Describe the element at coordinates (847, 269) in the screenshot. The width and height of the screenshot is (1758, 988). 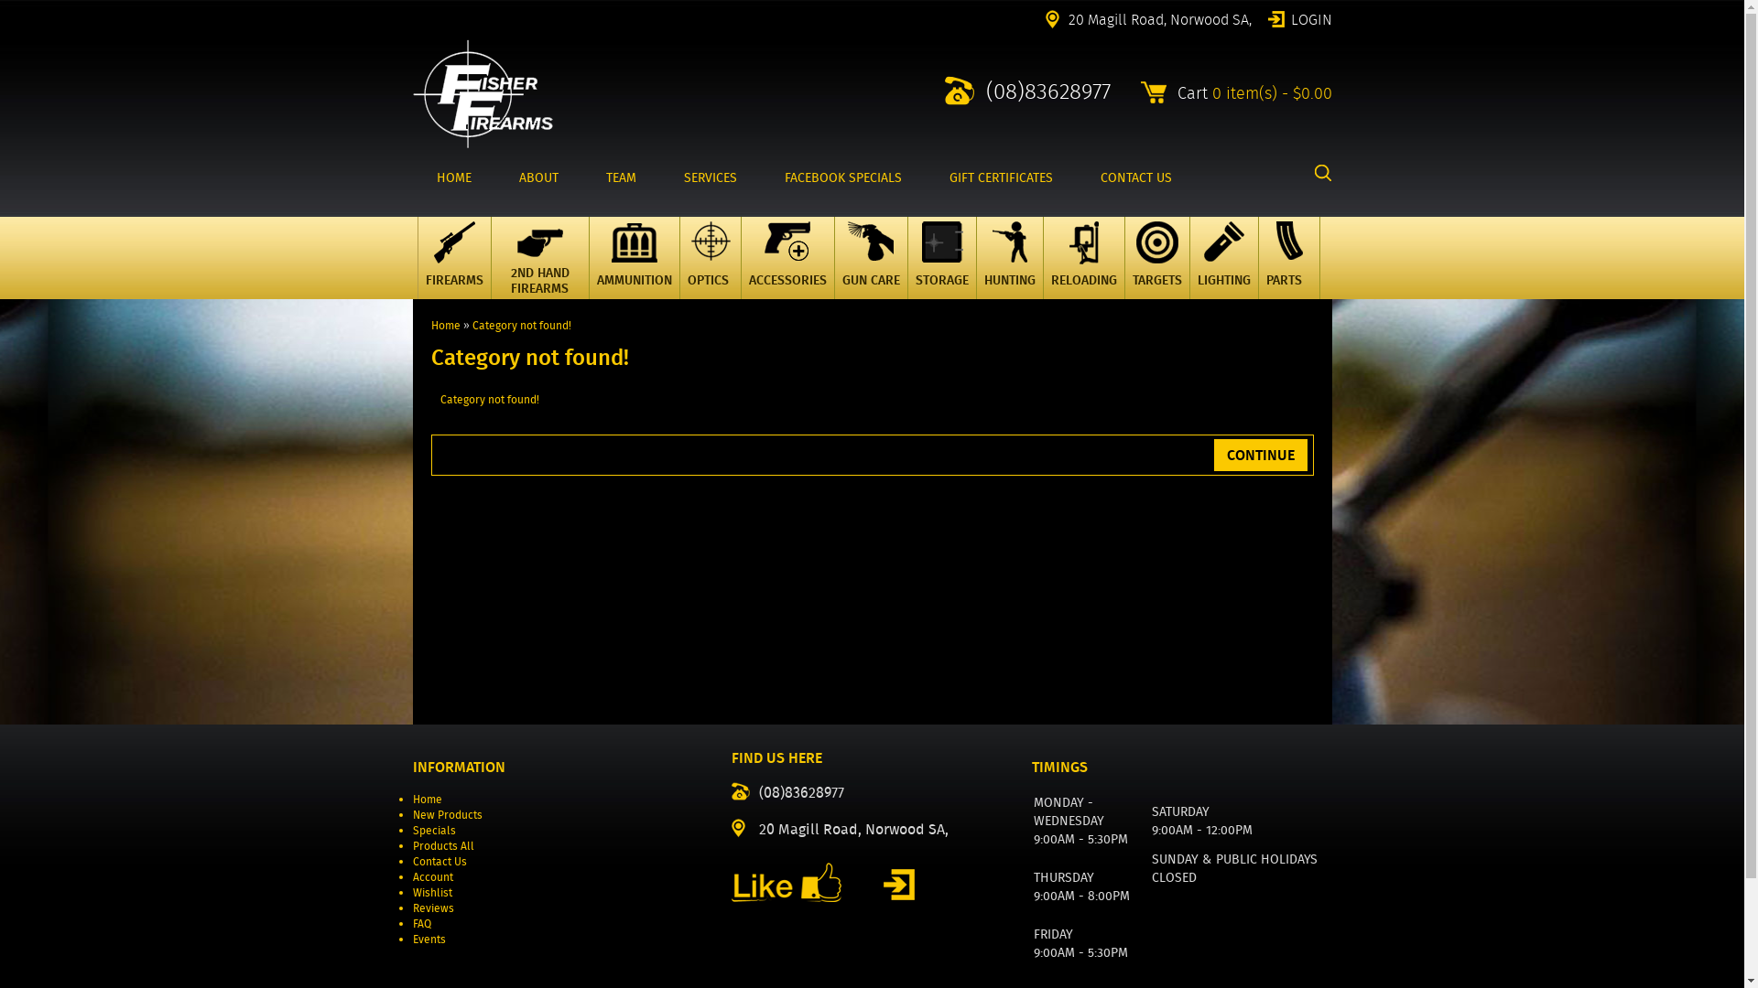
I see `'Gun Care'` at that location.